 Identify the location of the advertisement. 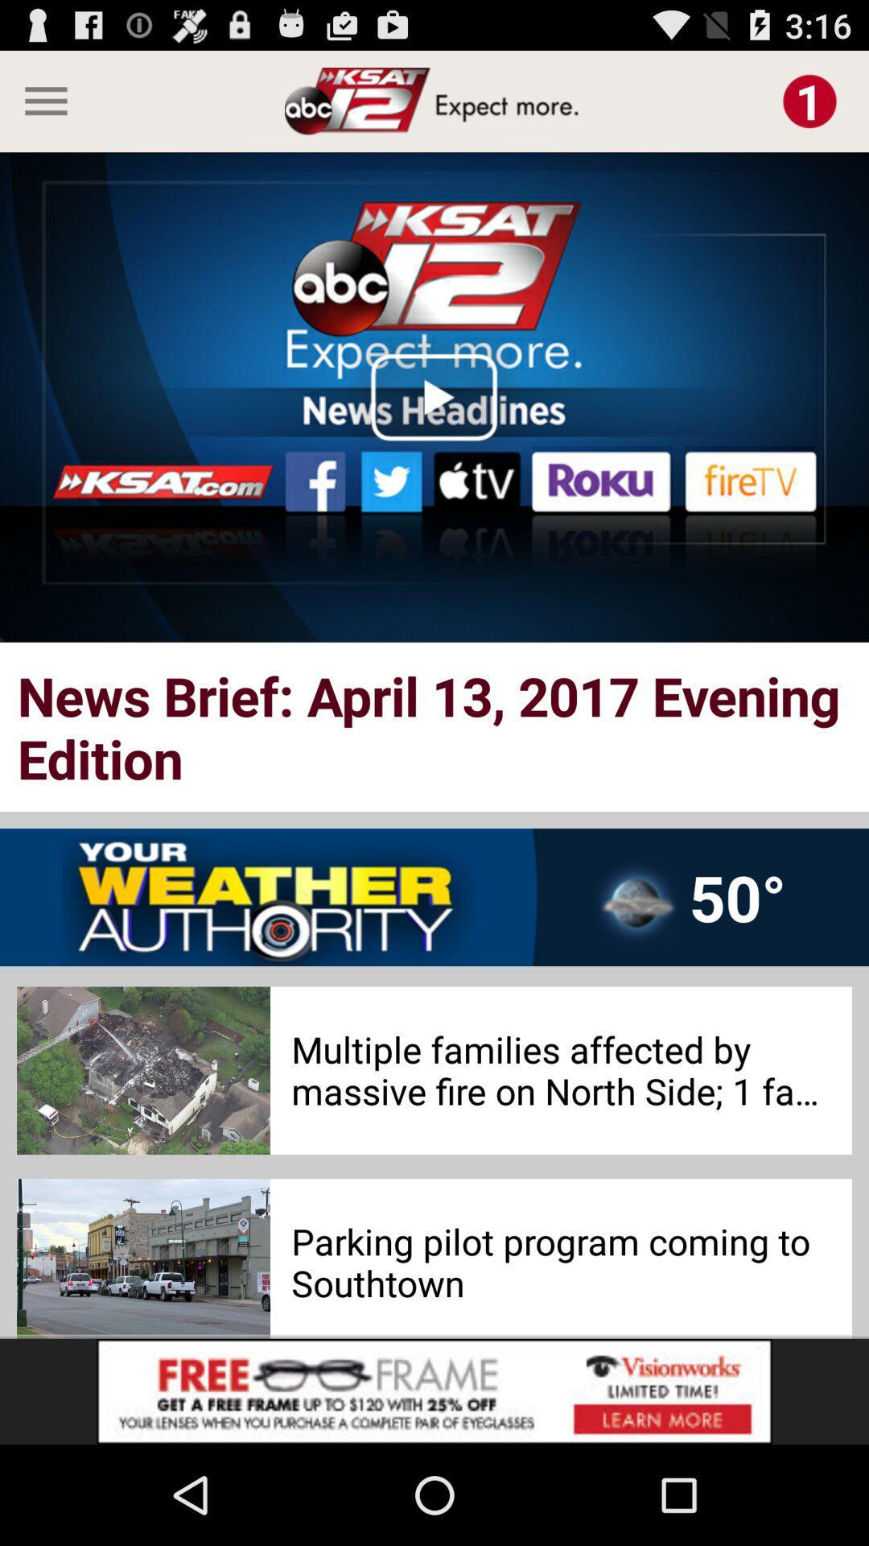
(434, 1391).